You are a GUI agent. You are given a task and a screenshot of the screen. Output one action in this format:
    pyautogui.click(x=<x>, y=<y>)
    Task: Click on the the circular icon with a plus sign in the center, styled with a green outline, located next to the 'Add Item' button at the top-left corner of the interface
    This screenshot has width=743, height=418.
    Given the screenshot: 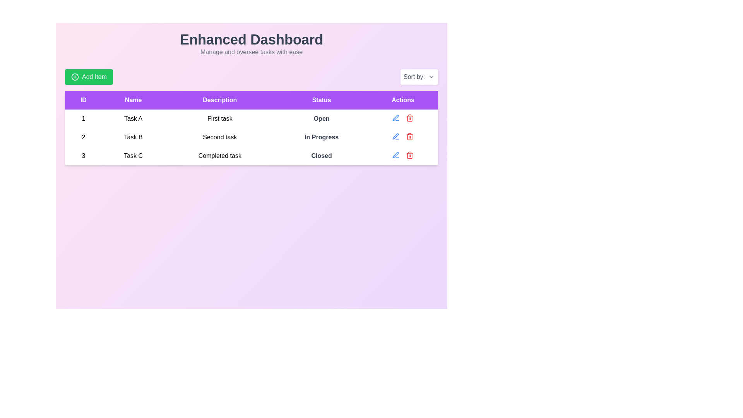 What is the action you would take?
    pyautogui.click(x=75, y=77)
    